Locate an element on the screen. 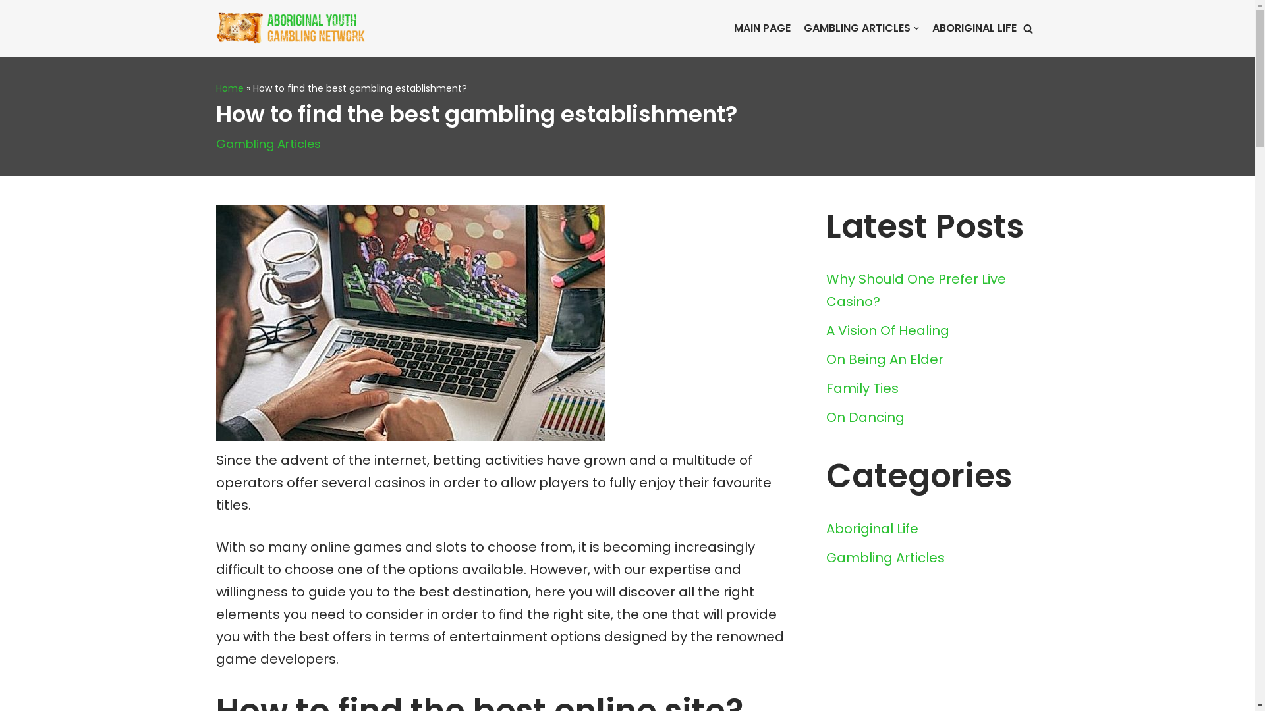 Image resolution: width=1265 pixels, height=711 pixels. 'Skip to content' is located at coordinates (9, 28).